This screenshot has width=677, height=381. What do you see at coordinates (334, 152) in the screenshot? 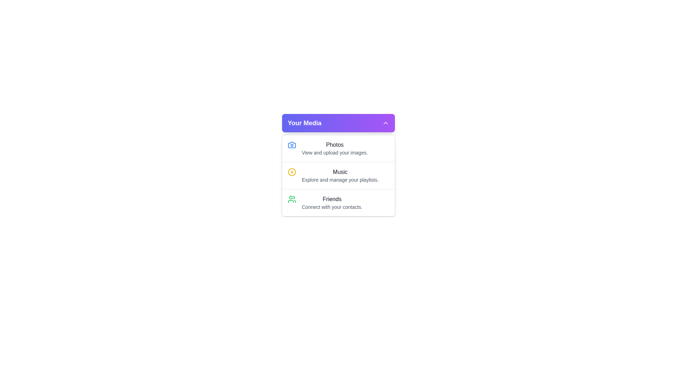
I see `the informational text label that provides a description related to the 'Photos' section, positioned below the 'Photos' title within the 'Your Media' dropdown interface` at bounding box center [334, 152].